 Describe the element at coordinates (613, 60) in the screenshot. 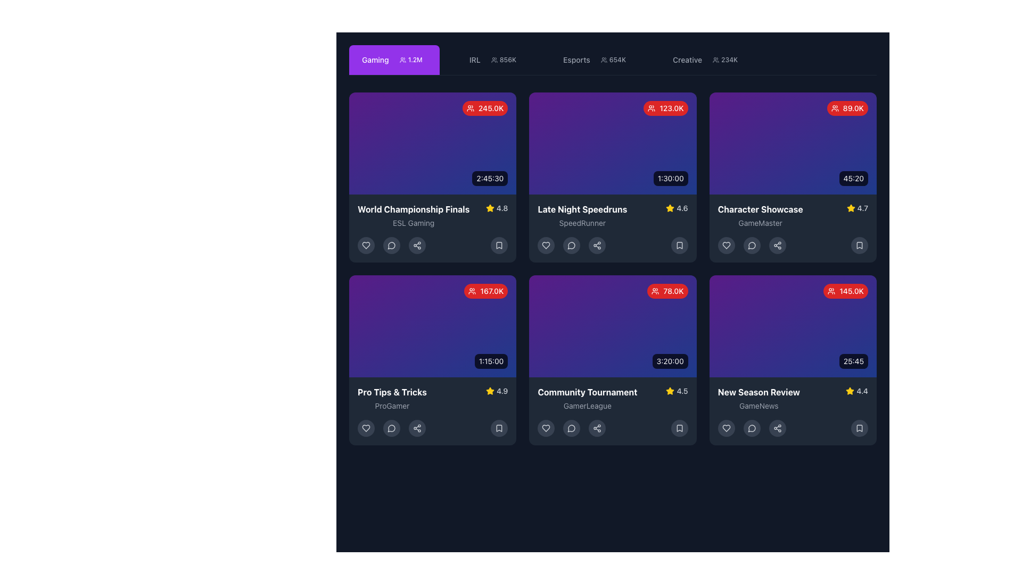

I see `the badge displaying '654K' with a group icon, located near the center of the top bar adjacent to the 'Esports' tab` at that location.